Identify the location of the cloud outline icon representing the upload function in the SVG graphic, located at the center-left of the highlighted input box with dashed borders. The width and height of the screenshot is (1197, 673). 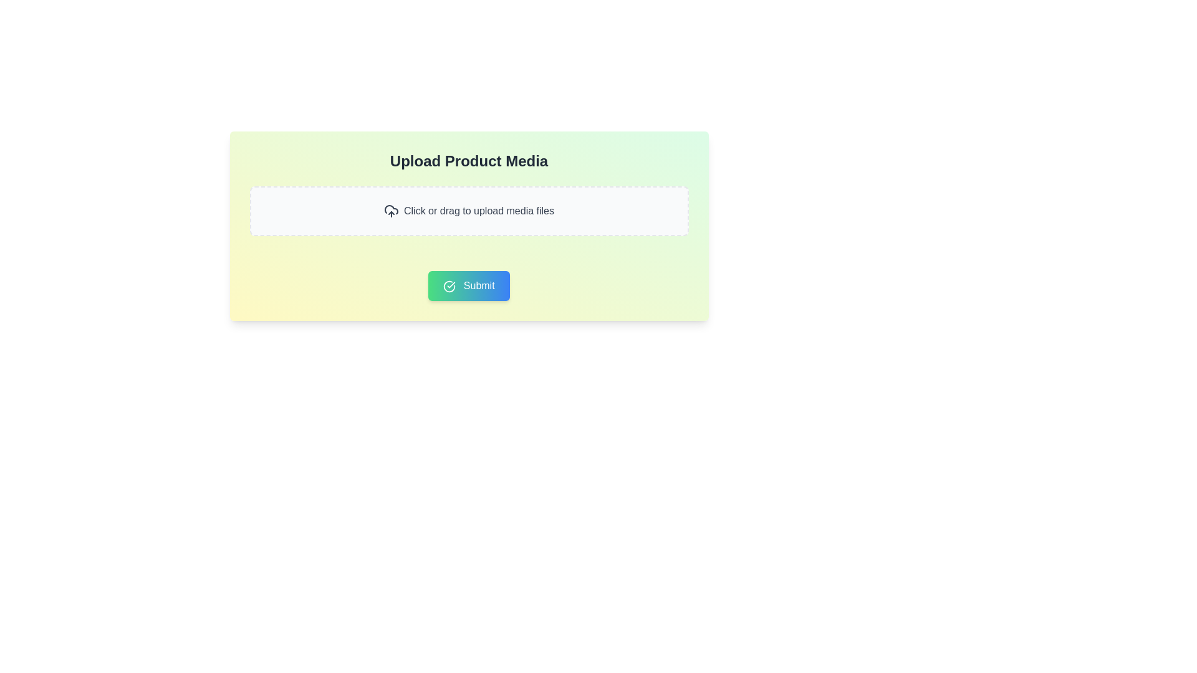
(391, 209).